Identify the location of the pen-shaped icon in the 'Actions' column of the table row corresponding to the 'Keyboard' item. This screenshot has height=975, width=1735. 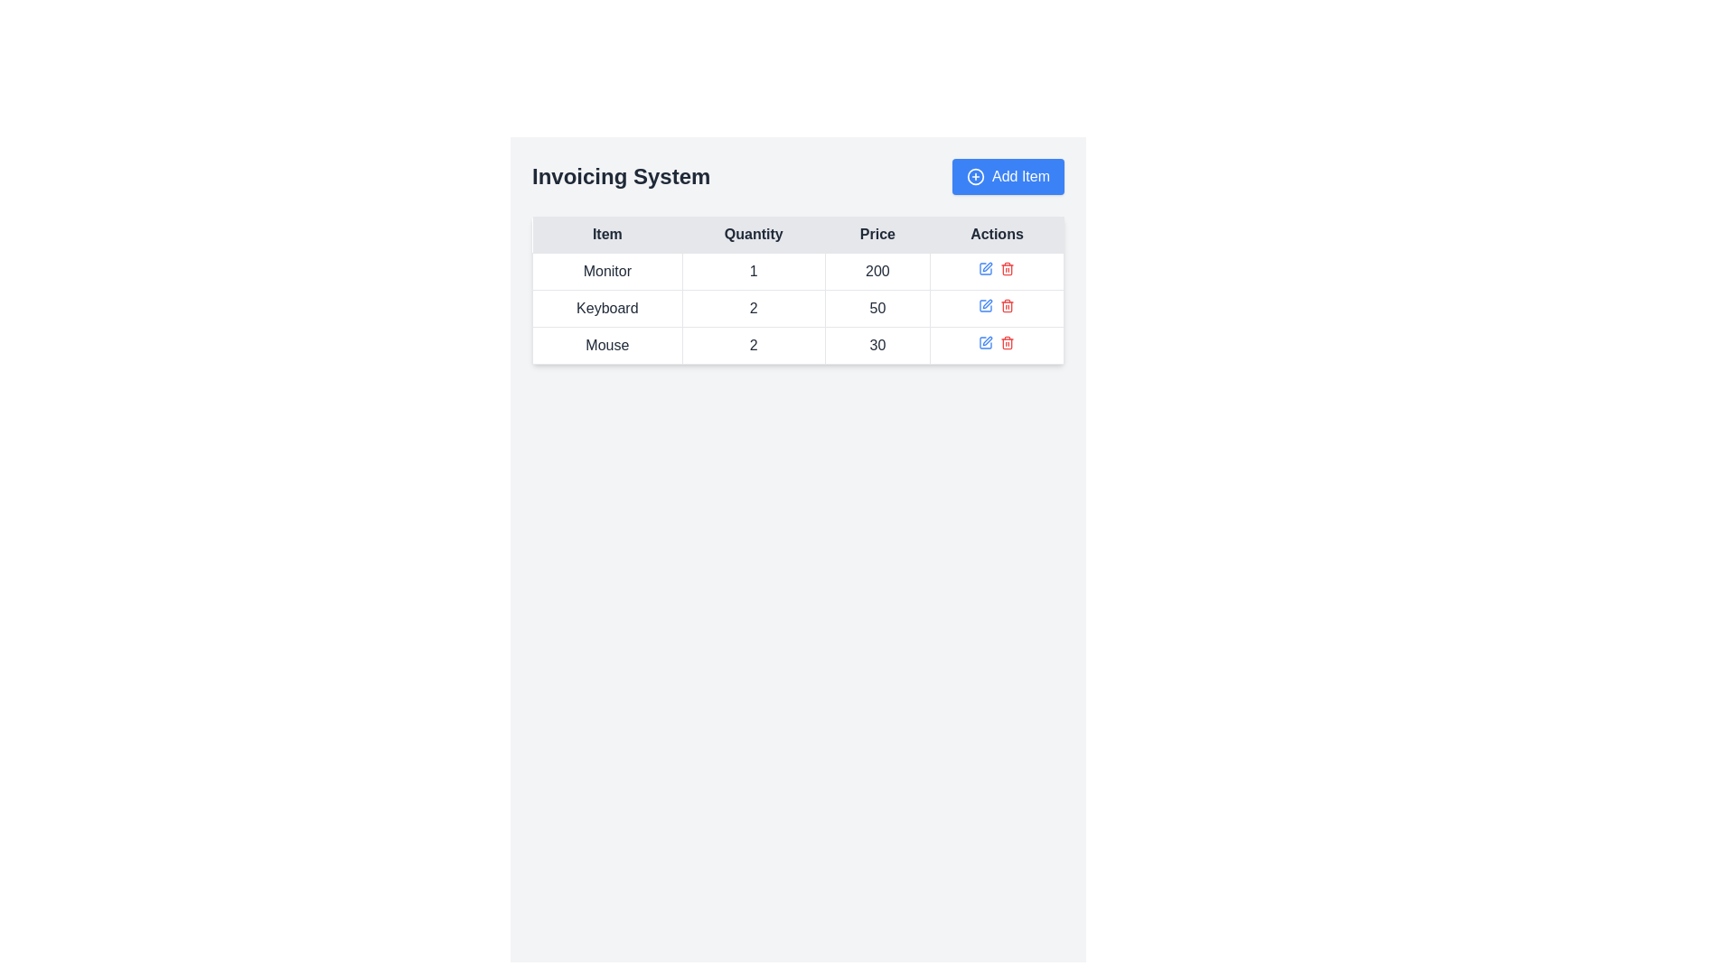
(987, 302).